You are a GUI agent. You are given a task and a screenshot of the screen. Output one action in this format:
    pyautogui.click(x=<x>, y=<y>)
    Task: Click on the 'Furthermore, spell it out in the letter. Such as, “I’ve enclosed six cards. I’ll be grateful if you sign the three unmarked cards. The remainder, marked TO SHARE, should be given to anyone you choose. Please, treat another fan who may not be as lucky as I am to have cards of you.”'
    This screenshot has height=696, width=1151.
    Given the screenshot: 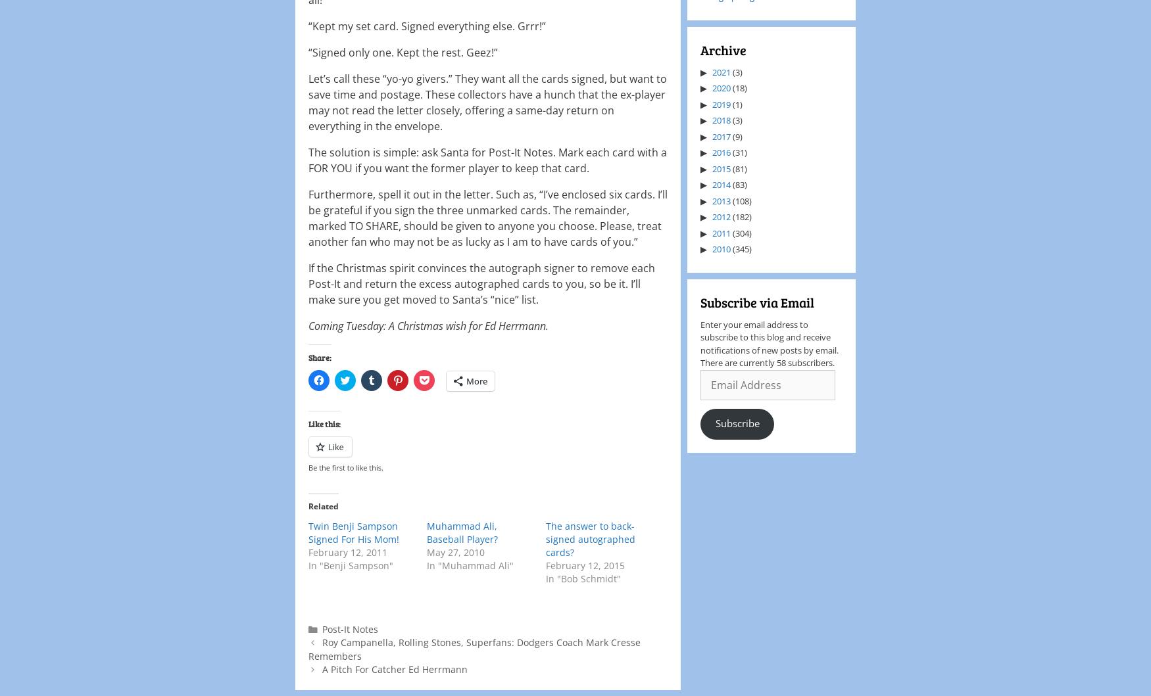 What is the action you would take?
    pyautogui.click(x=488, y=217)
    